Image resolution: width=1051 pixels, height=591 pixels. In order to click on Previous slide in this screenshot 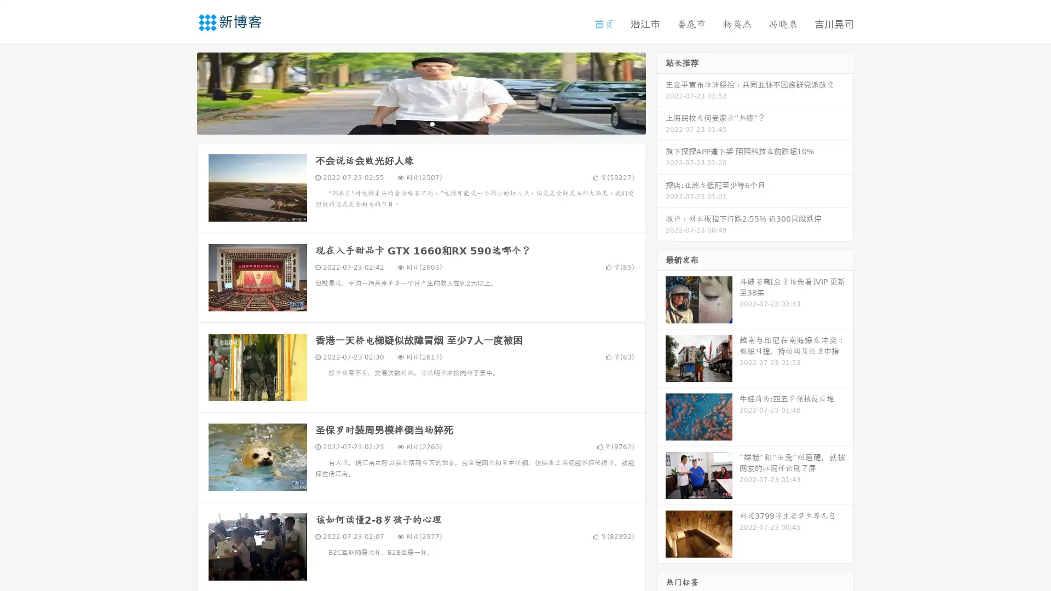, I will do `click(181, 92)`.